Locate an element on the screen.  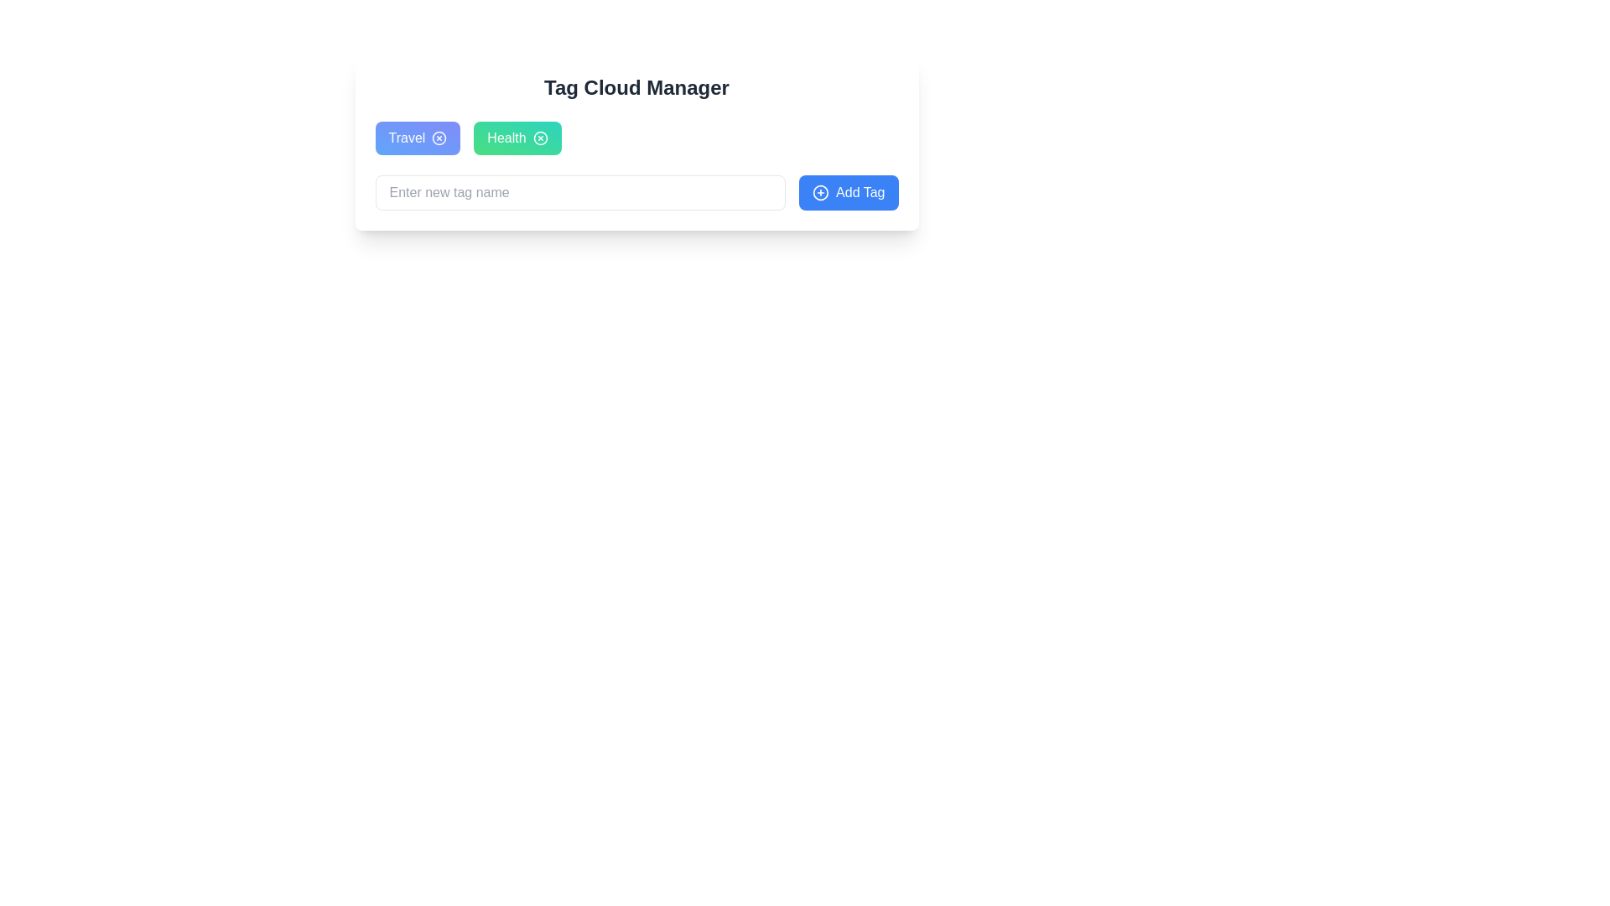
text label 'Health' located inside the green rounded rectangular button, which is the second button from the left under the 'Tag Cloud Manager' heading is located at coordinates (506, 138).